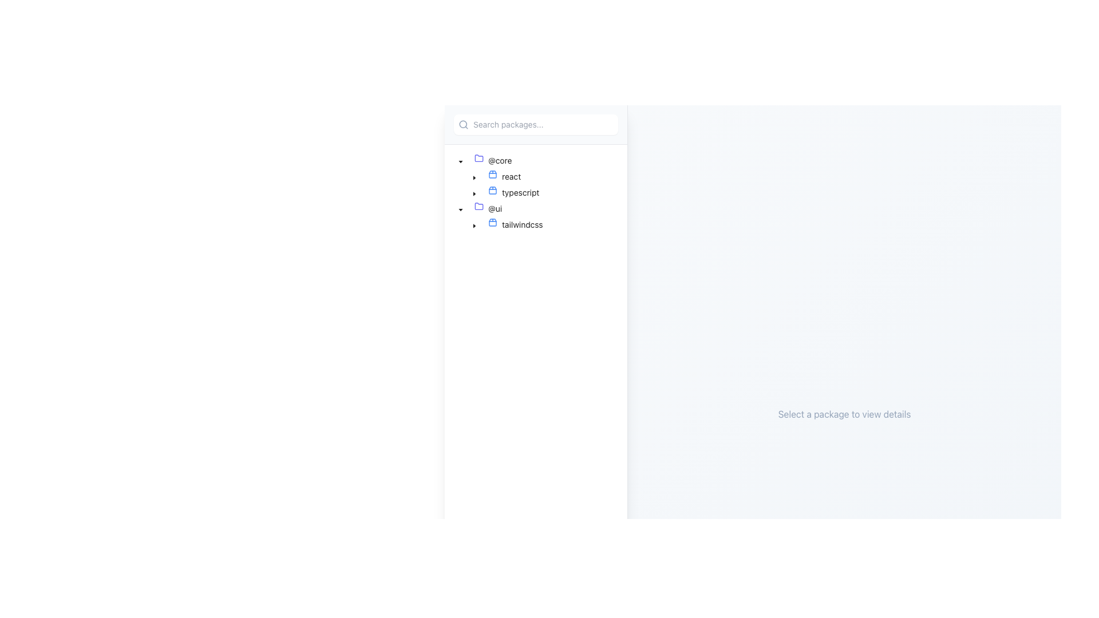 This screenshot has height=618, width=1099. What do you see at coordinates (461, 209) in the screenshot?
I see `the Dropdown Toggle Icon adjacent to the '@ui' folder label` at bounding box center [461, 209].